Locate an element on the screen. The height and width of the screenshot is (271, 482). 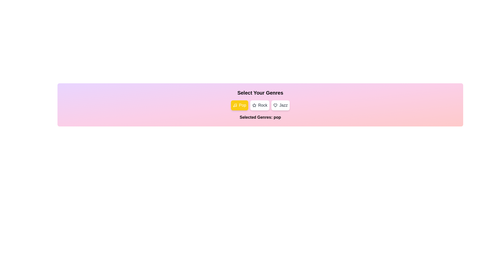
the Rock button to observe its hover effect is located at coordinates (260, 105).